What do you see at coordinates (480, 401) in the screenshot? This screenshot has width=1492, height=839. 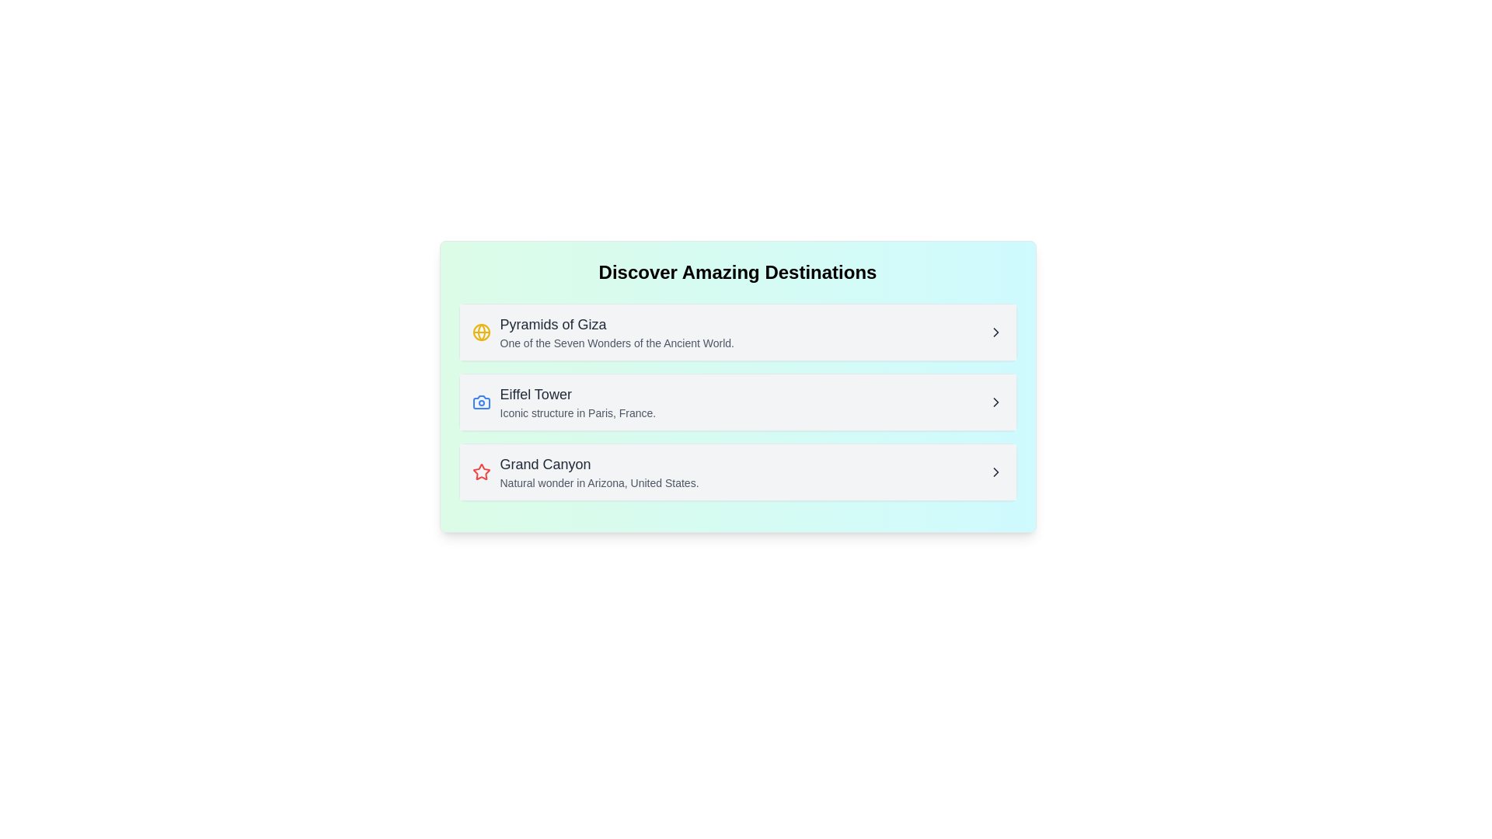 I see `the icon that visually represents the 'Eiffel Tower' list item, located on the left side of the text label` at bounding box center [480, 401].